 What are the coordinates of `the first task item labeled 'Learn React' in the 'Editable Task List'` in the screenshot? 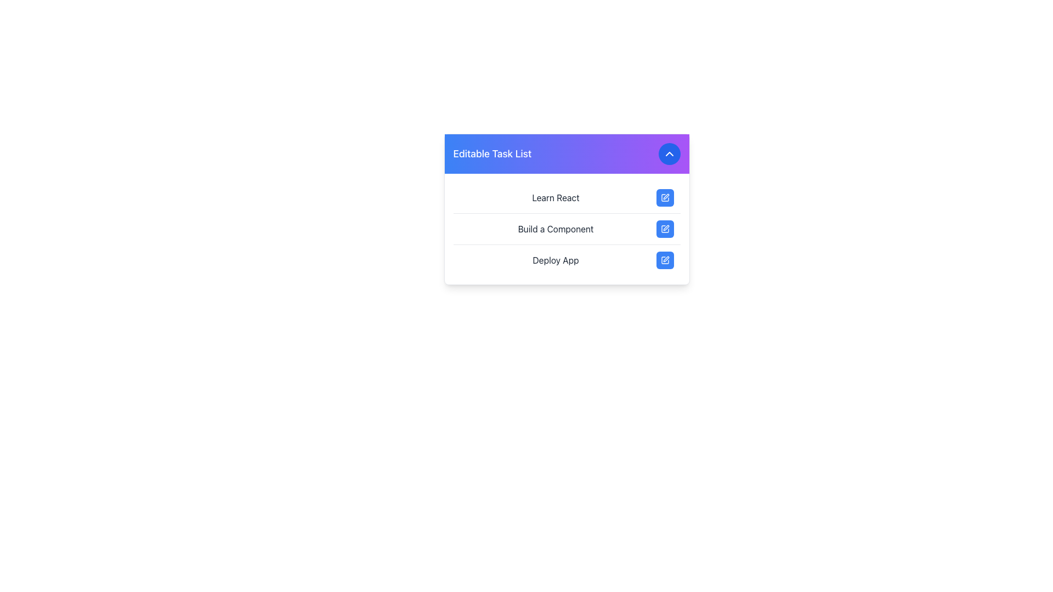 It's located at (567, 198).